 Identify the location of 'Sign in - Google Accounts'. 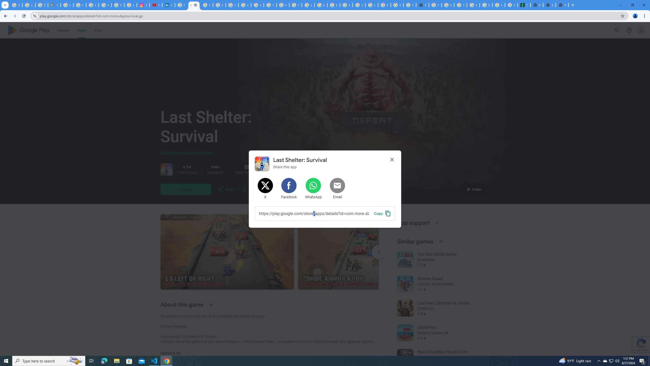
(181, 5).